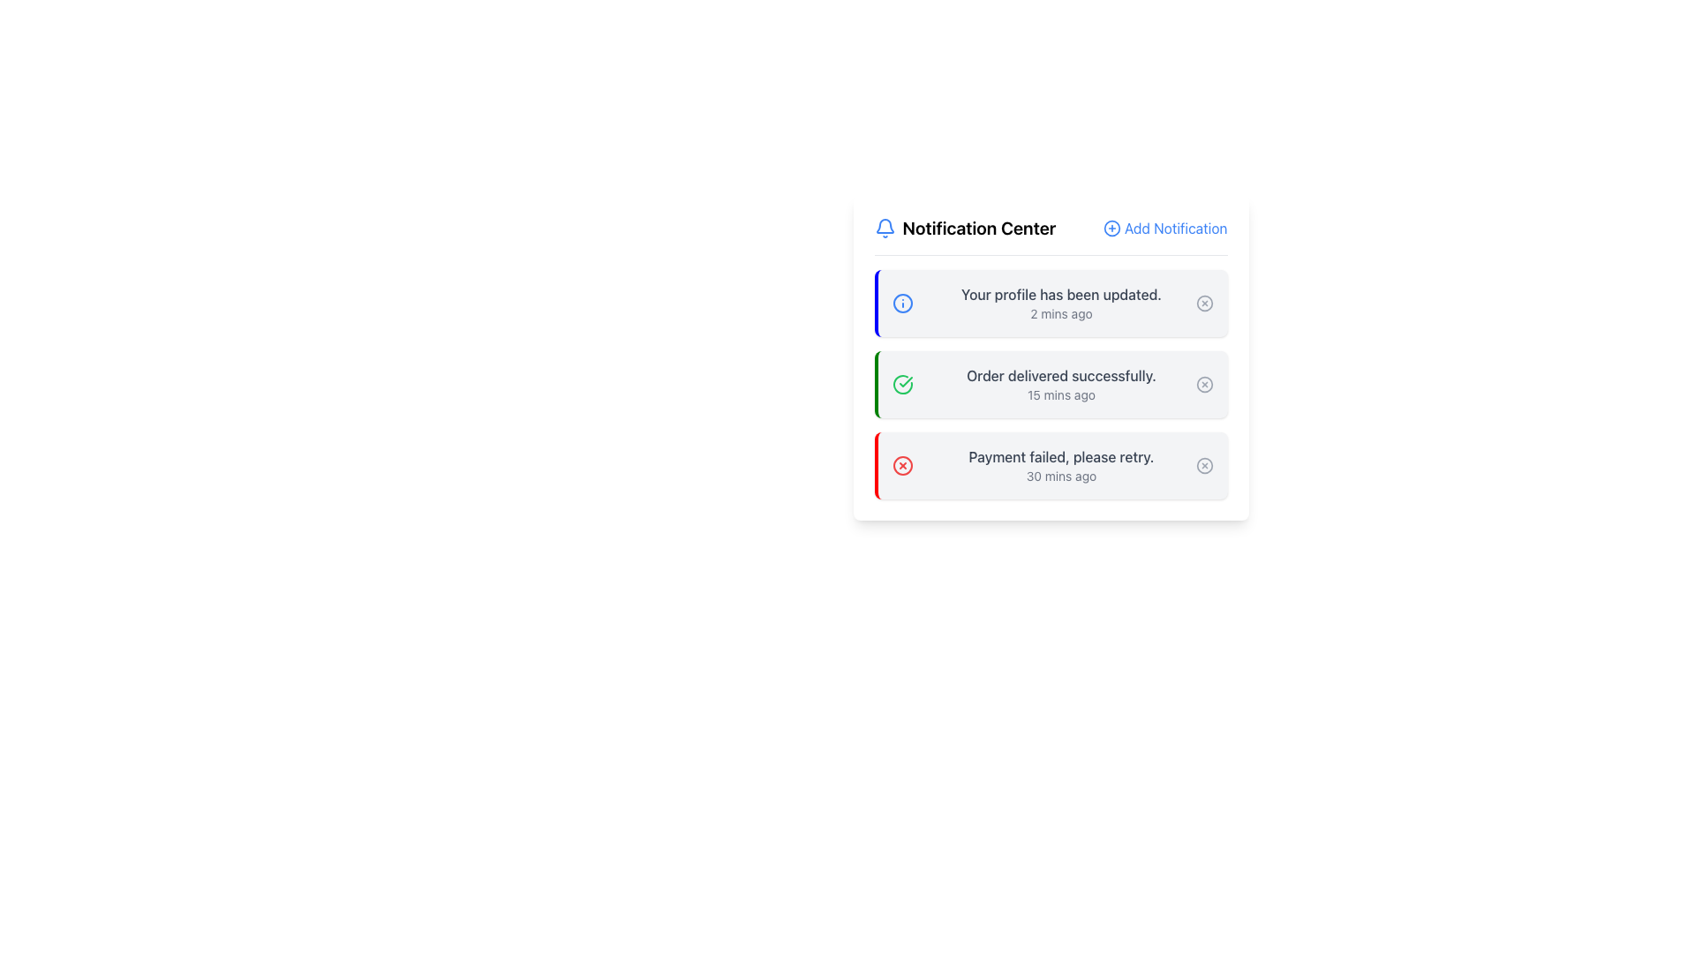  What do you see at coordinates (1203, 302) in the screenshot?
I see `the circular SVG-based graphical component that represents the notification status for 'Your profile has been updated.'` at bounding box center [1203, 302].